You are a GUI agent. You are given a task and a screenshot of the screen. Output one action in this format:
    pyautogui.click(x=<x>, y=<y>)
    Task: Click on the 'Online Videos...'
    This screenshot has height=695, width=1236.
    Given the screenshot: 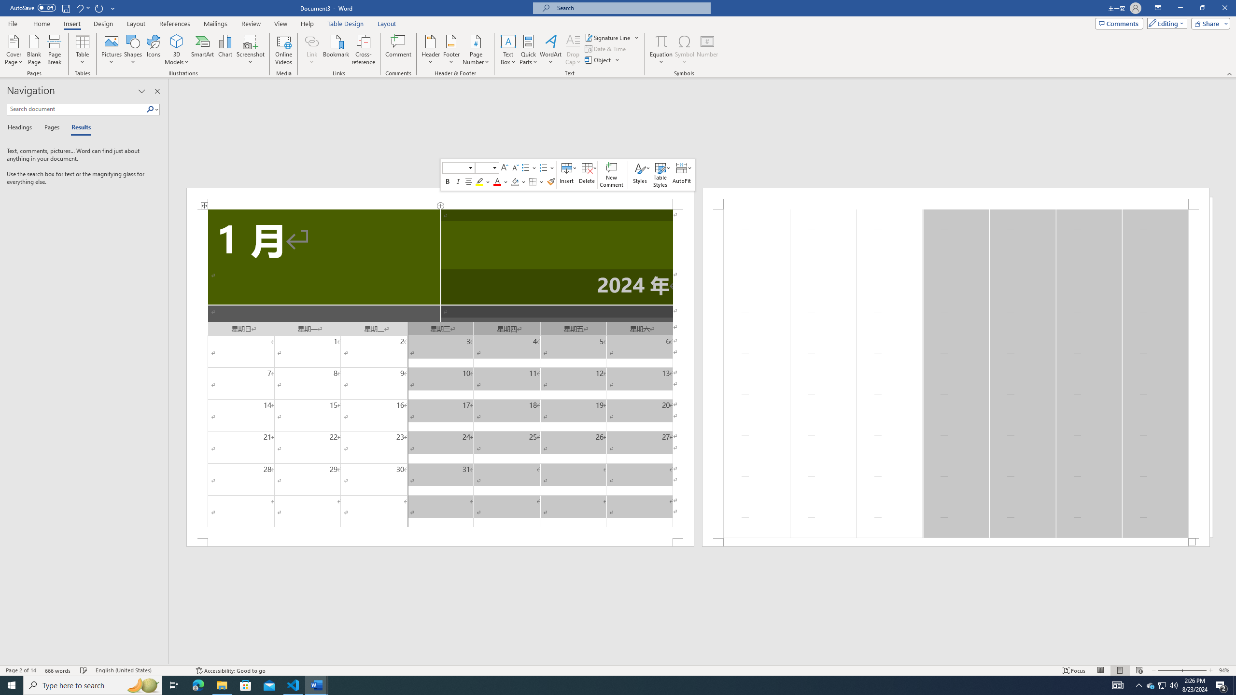 What is the action you would take?
    pyautogui.click(x=283, y=50)
    